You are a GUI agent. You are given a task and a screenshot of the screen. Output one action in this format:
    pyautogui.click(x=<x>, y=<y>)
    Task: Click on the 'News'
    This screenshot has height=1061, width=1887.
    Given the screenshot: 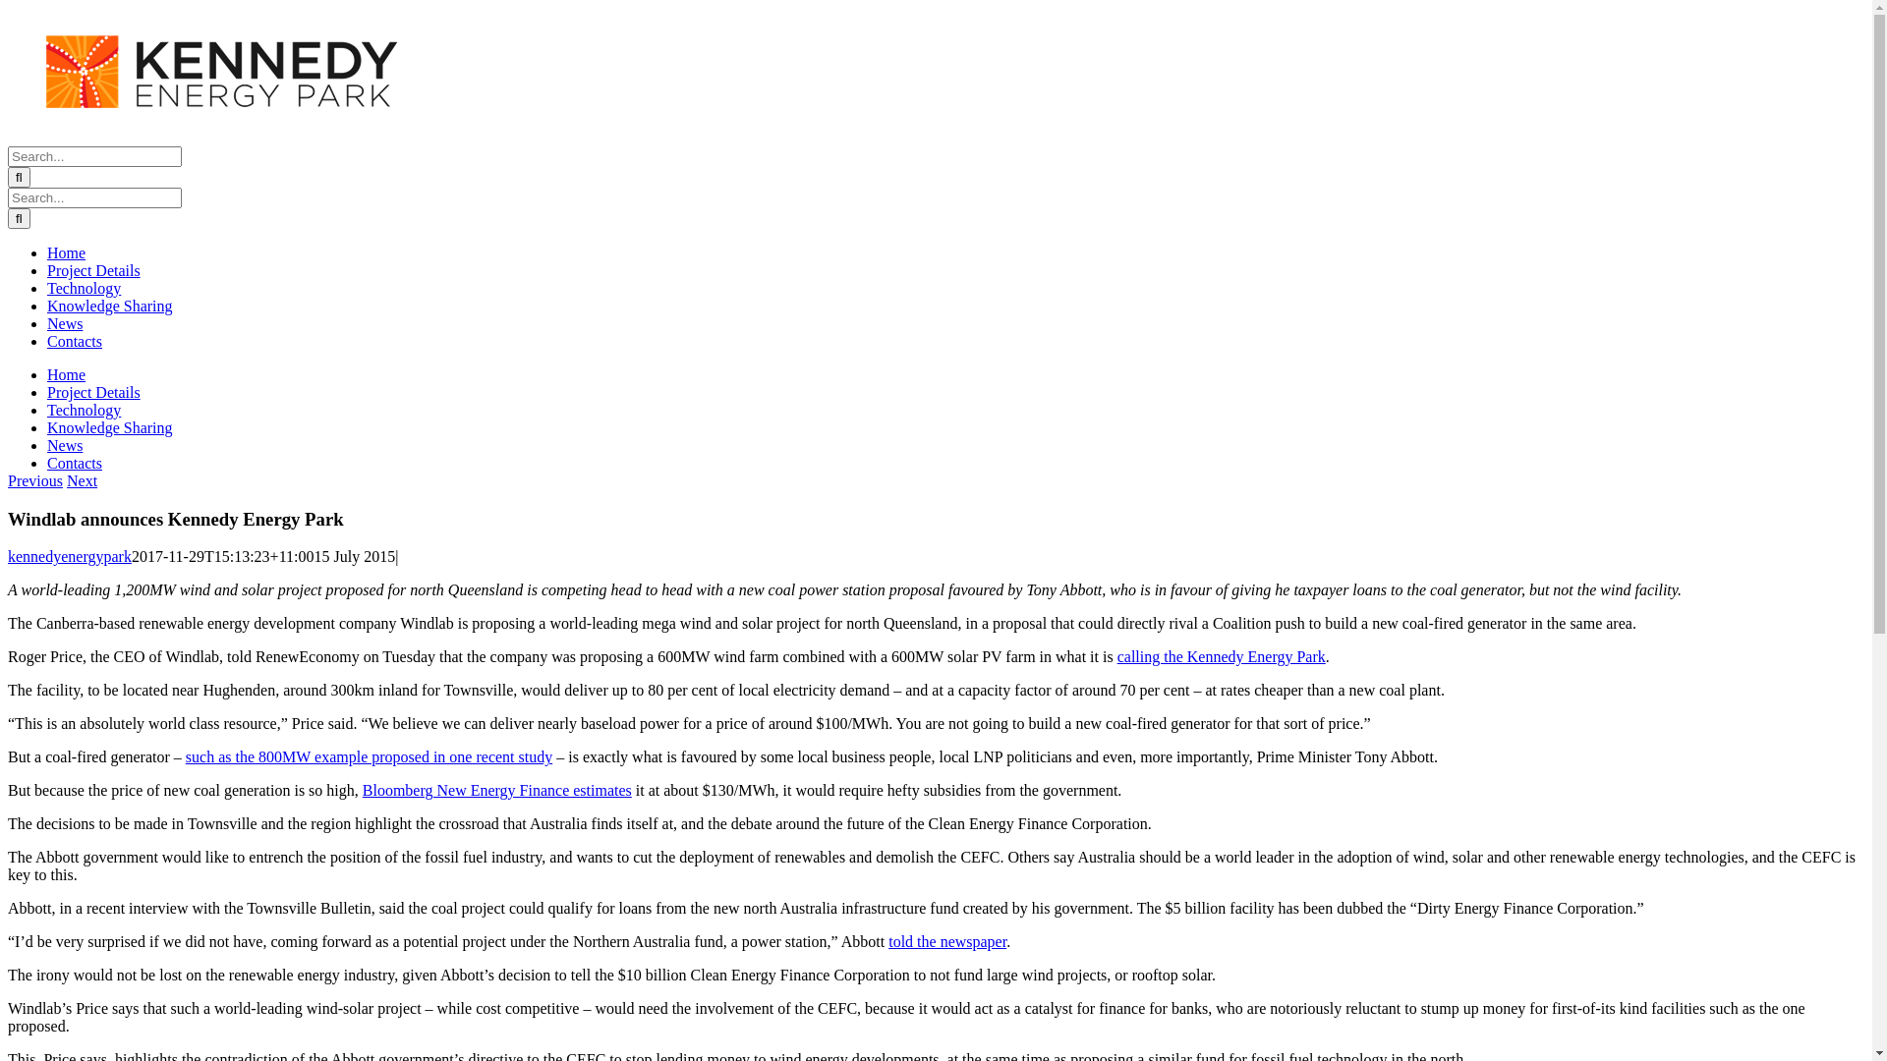 What is the action you would take?
    pyautogui.click(x=65, y=322)
    